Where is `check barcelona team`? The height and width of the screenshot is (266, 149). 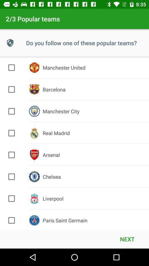
check barcelona team is located at coordinates (12, 89).